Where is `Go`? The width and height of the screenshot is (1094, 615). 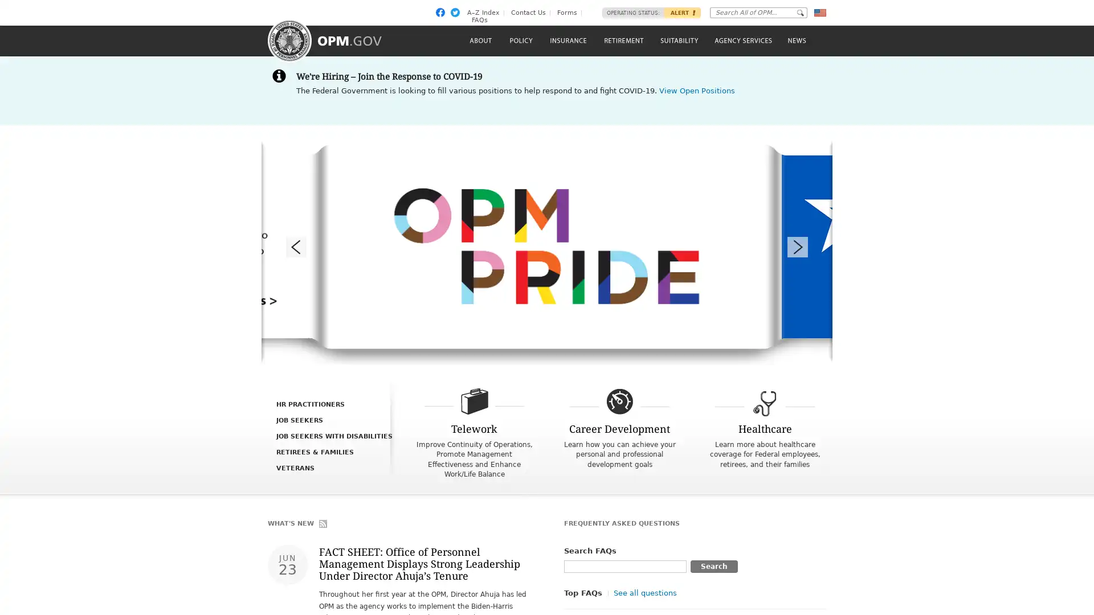
Go is located at coordinates (800, 13).